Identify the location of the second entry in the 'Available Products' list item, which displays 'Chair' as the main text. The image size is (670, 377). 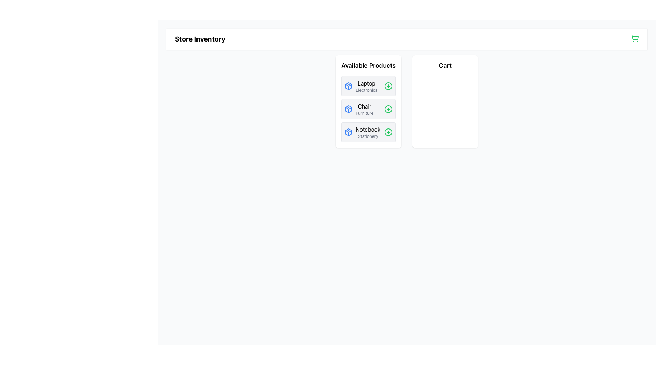
(368, 101).